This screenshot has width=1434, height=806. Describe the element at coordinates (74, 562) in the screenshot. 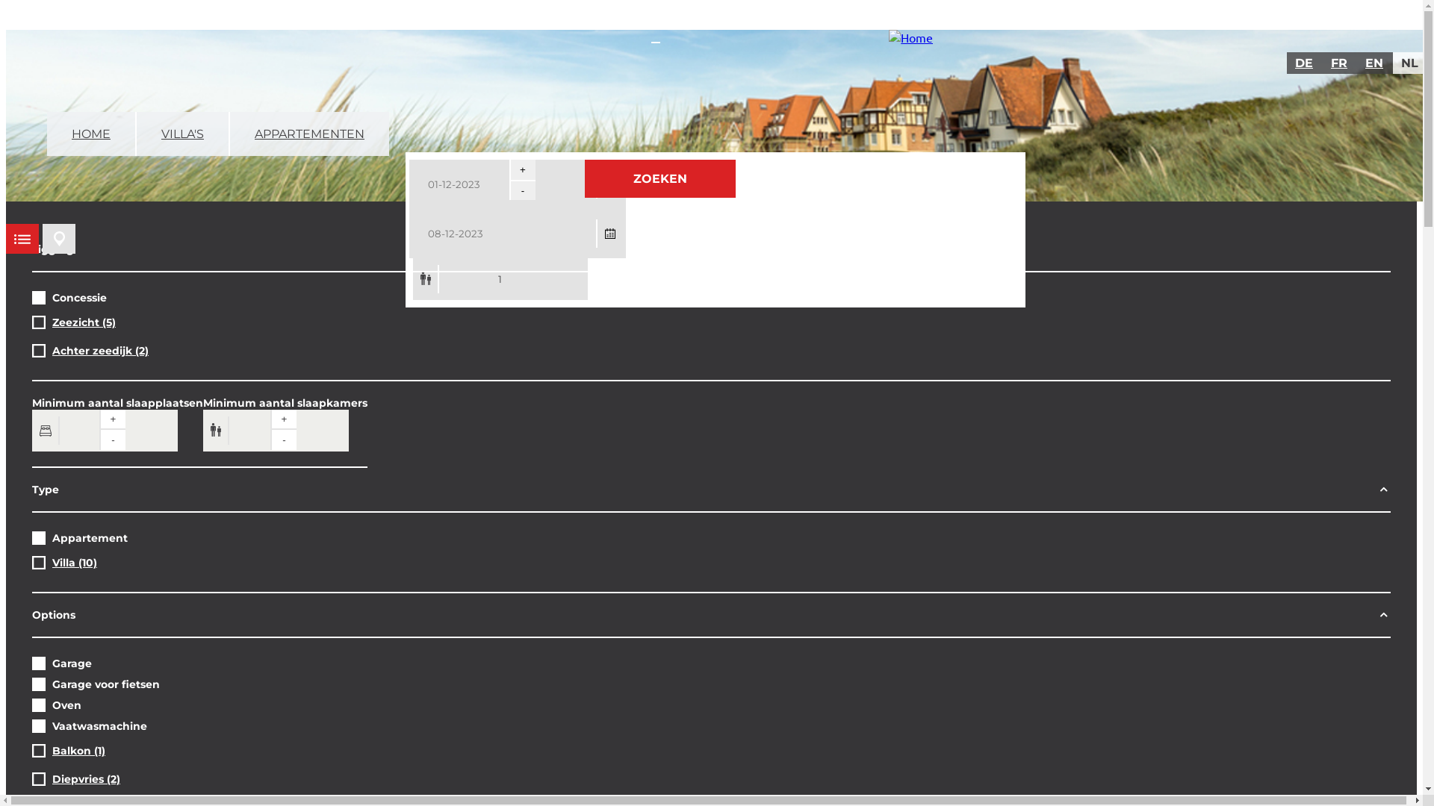

I see `'Villa (10)` at that location.